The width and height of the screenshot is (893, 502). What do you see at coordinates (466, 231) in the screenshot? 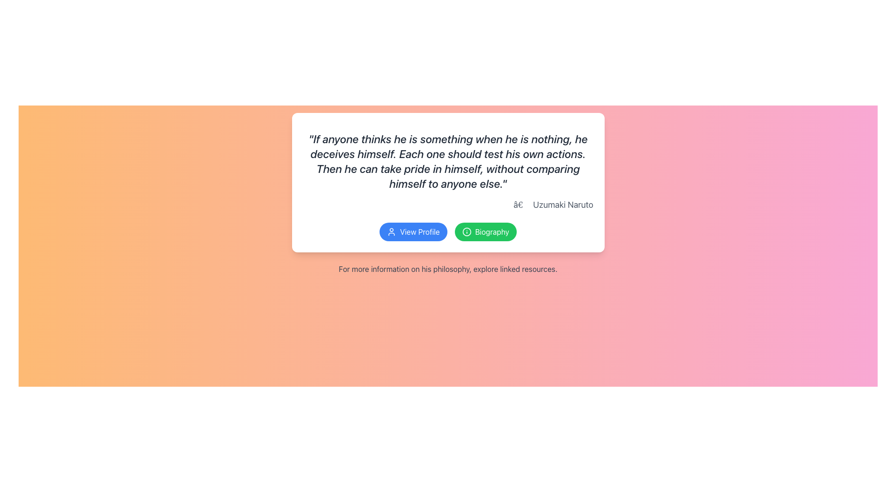
I see `the SVG Icon inside the green button labeled 'Biography', which directs users to see a biography` at bounding box center [466, 231].